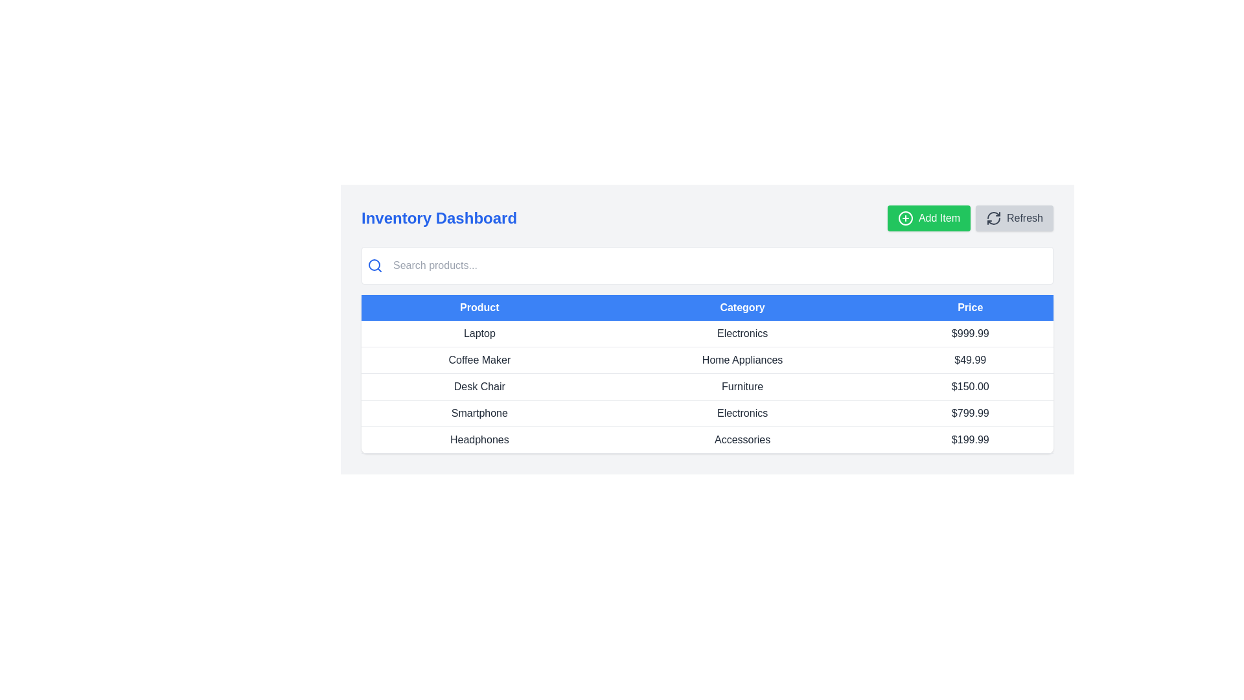 This screenshot has height=700, width=1244. What do you see at coordinates (928, 217) in the screenshot?
I see `the button located in the top-right section of the interface, which allows users to add a new item to the inventory` at bounding box center [928, 217].